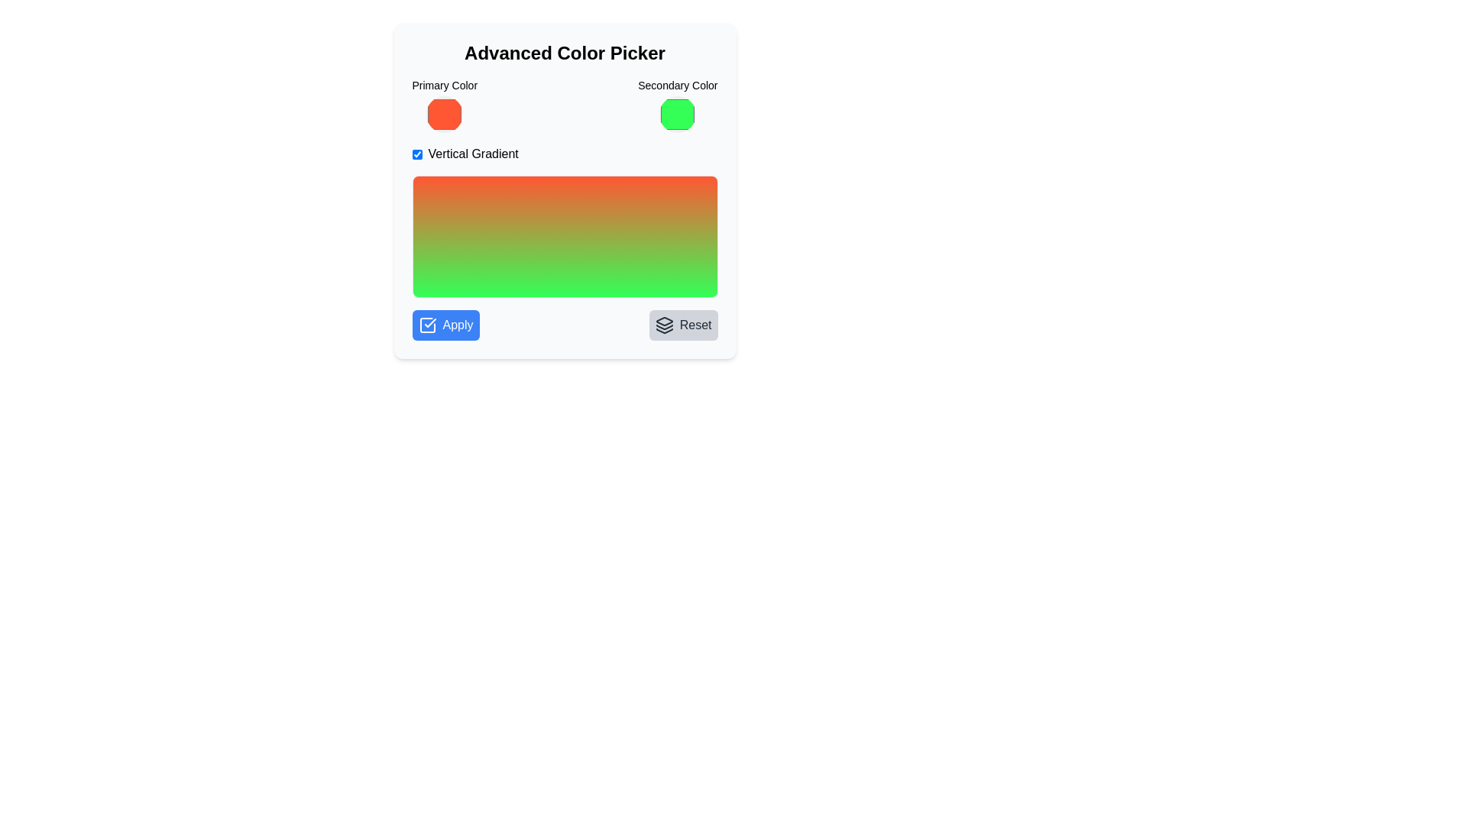  Describe the element at coordinates (443, 105) in the screenshot. I see `the circular color preview button labeled 'Primary Color'` at that location.